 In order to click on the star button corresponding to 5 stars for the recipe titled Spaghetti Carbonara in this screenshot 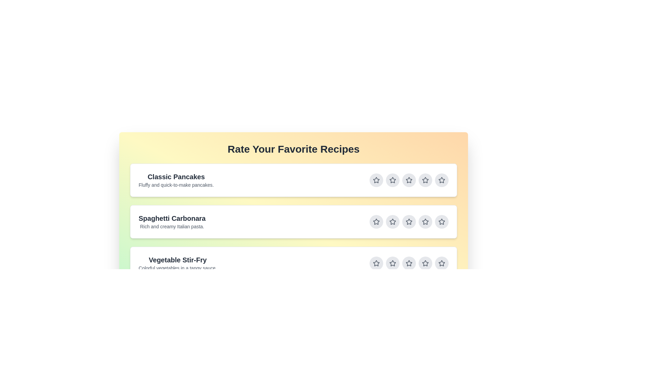, I will do `click(441, 222)`.